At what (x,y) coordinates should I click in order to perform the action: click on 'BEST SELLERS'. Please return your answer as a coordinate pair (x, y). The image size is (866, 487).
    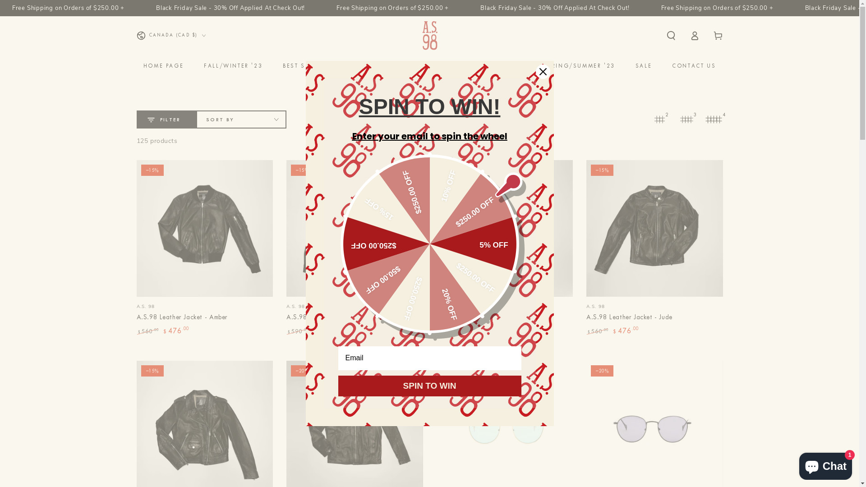
    Looking at the image, I should click on (305, 65).